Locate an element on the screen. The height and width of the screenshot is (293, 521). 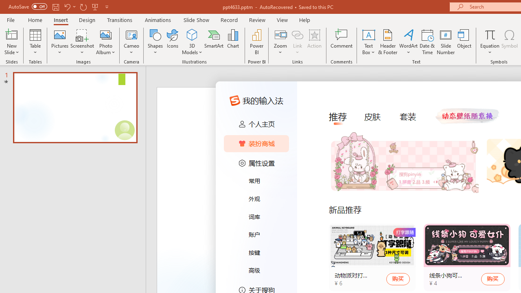
'New Photo Album...' is located at coordinates (105, 34).